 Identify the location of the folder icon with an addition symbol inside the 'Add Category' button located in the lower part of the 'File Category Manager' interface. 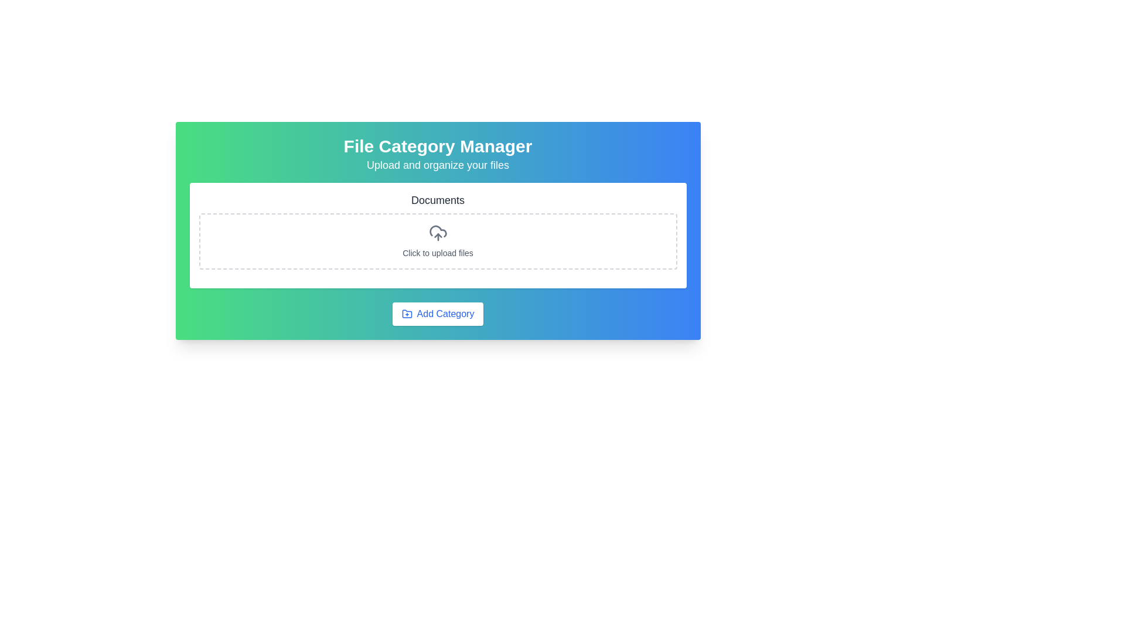
(407, 313).